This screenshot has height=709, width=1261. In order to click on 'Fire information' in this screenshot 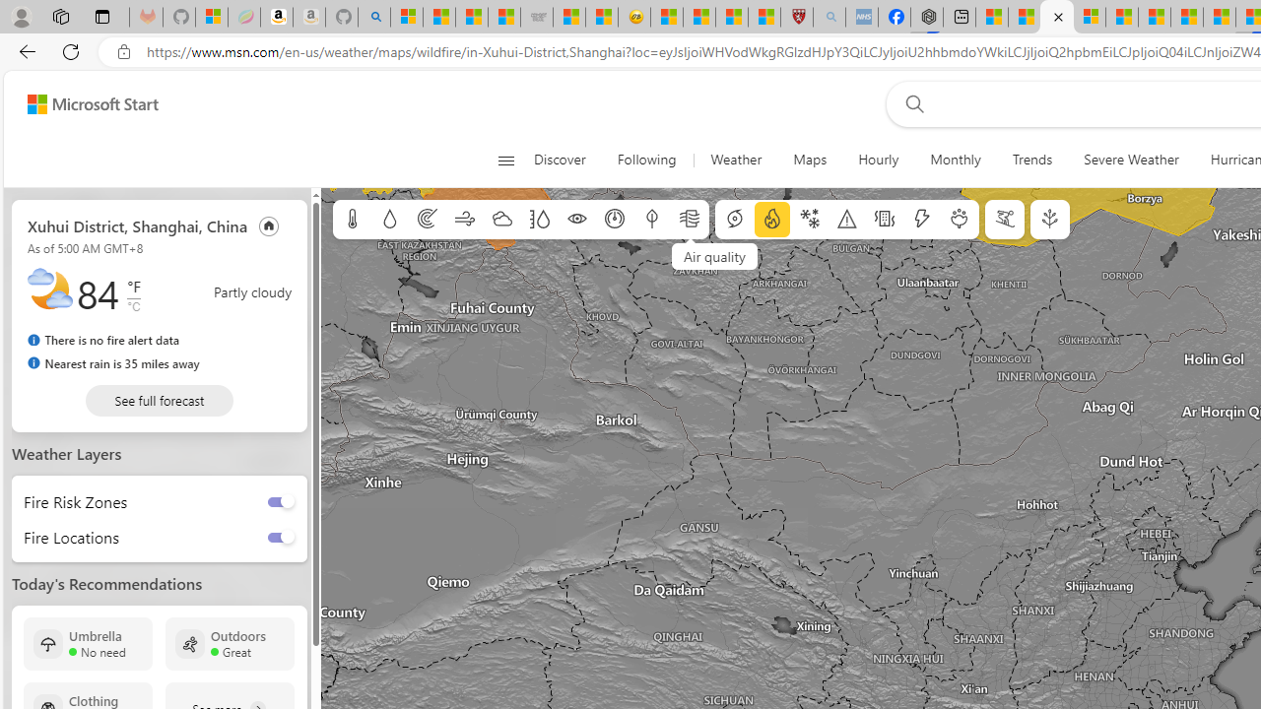, I will do `click(771, 220)`.